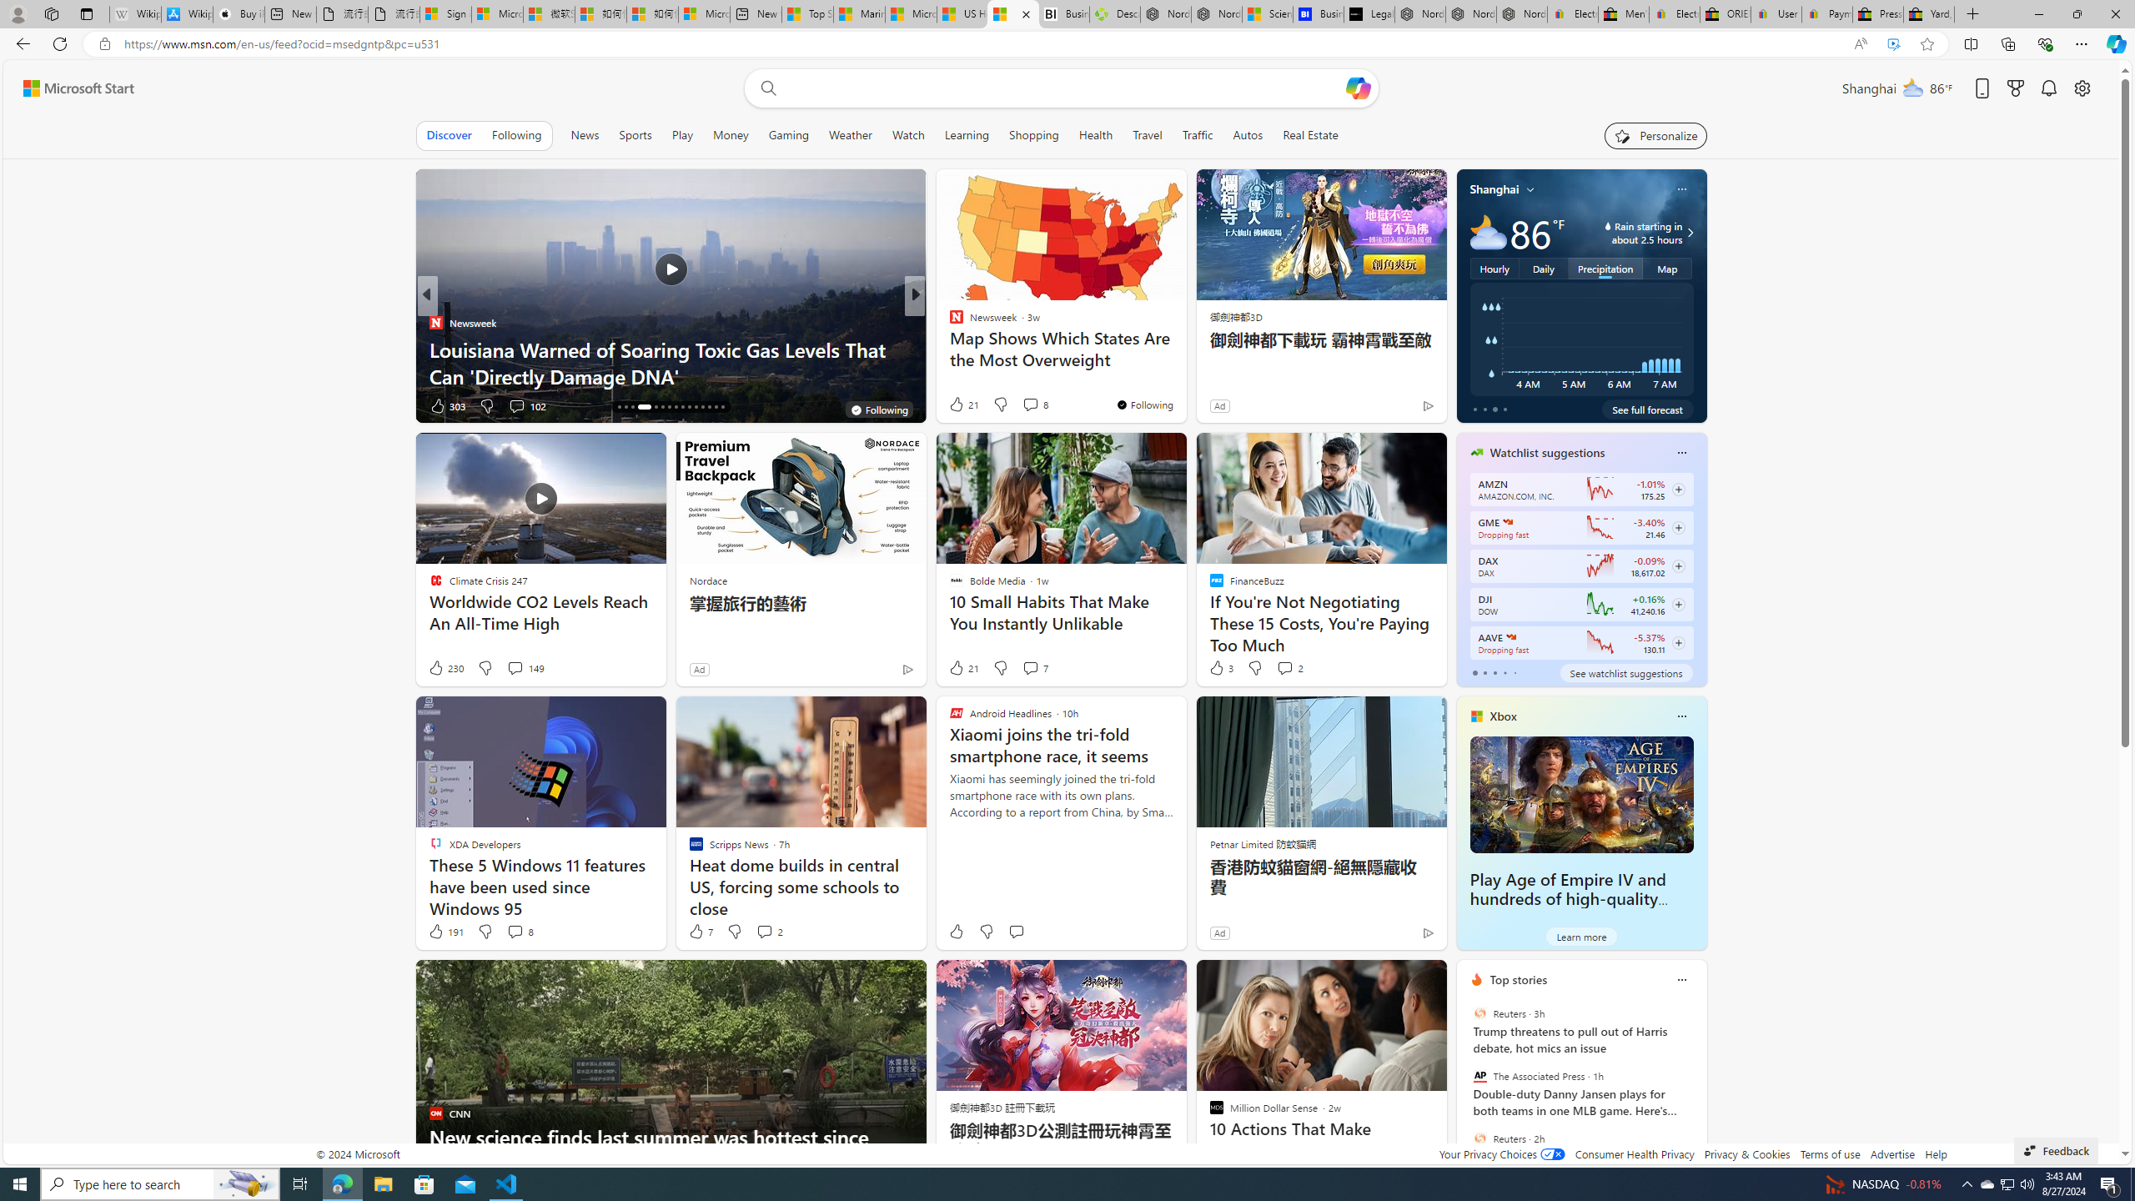 Image resolution: width=2135 pixels, height=1201 pixels. What do you see at coordinates (689, 406) in the screenshot?
I see `'AutomationID: tab-25'` at bounding box center [689, 406].